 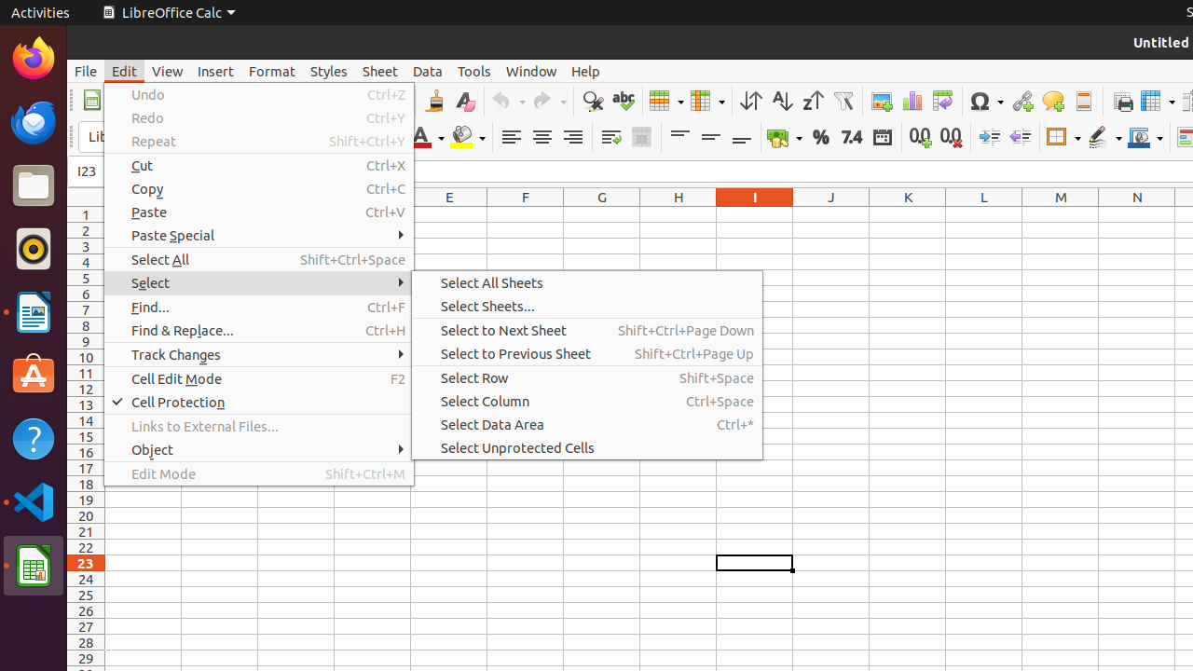 What do you see at coordinates (850, 136) in the screenshot?
I see `'Number'` at bounding box center [850, 136].